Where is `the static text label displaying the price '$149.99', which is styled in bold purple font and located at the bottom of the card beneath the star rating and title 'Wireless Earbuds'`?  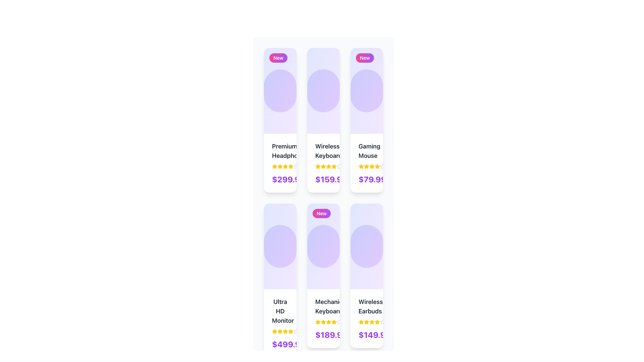
the static text label displaying the price '$149.99', which is styled in bold purple font and located at the bottom of the card beneath the star rating and title 'Wireless Earbuds' is located at coordinates (374, 335).